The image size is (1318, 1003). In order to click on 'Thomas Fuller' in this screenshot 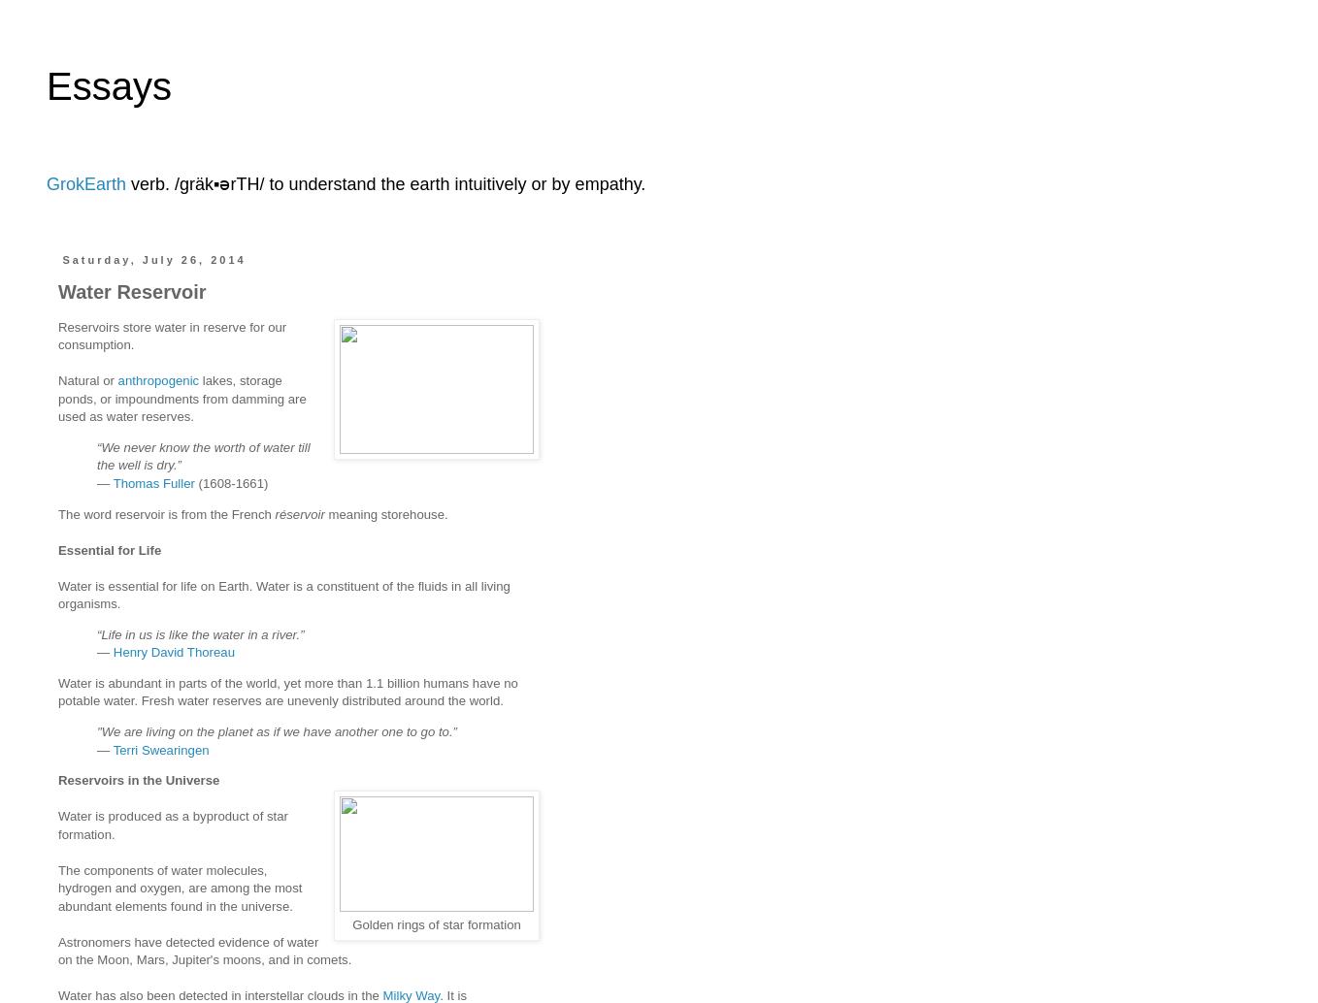, I will do `click(152, 481)`.